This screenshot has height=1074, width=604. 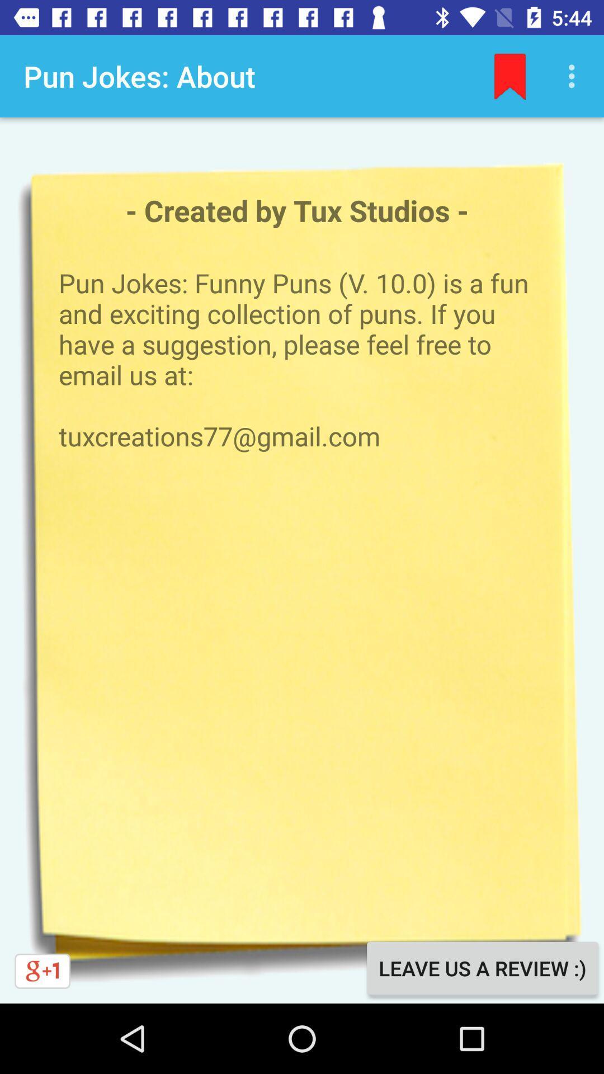 I want to click on app to the right of the pun jokes: about, so click(x=509, y=76).